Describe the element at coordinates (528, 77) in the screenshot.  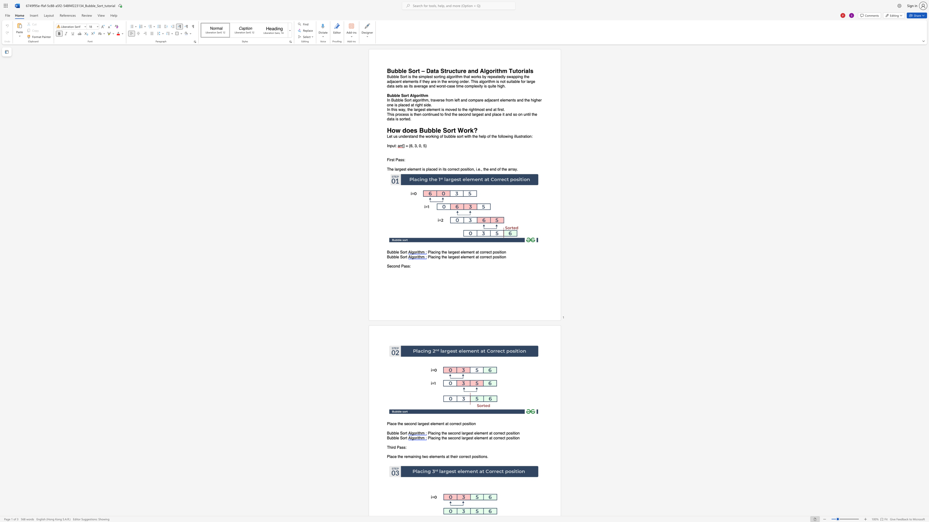
I see `the 7th character "e" in the text` at that location.